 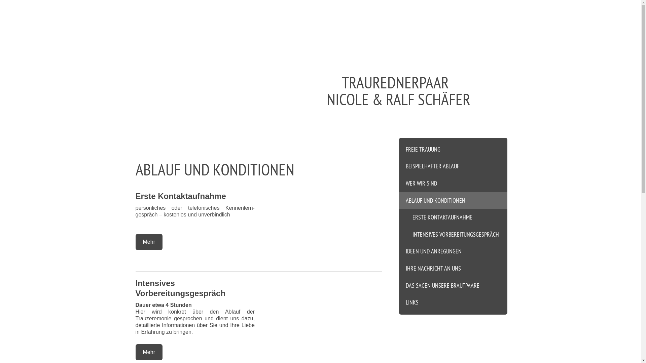 I want to click on 'IHRE NACHRICHT AN UNS', so click(x=453, y=268).